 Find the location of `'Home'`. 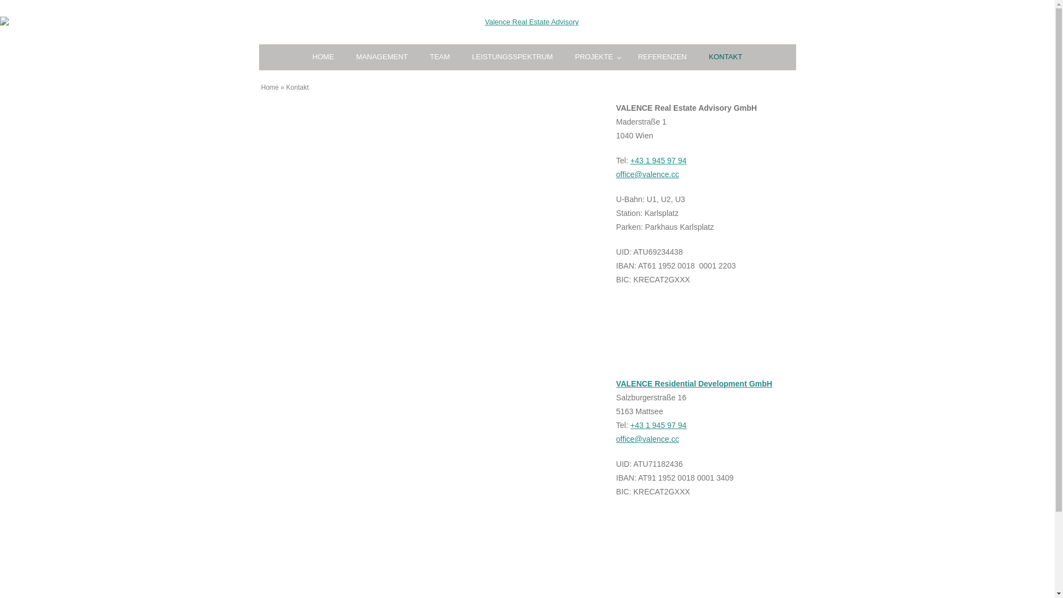

'Home' is located at coordinates (270, 87).